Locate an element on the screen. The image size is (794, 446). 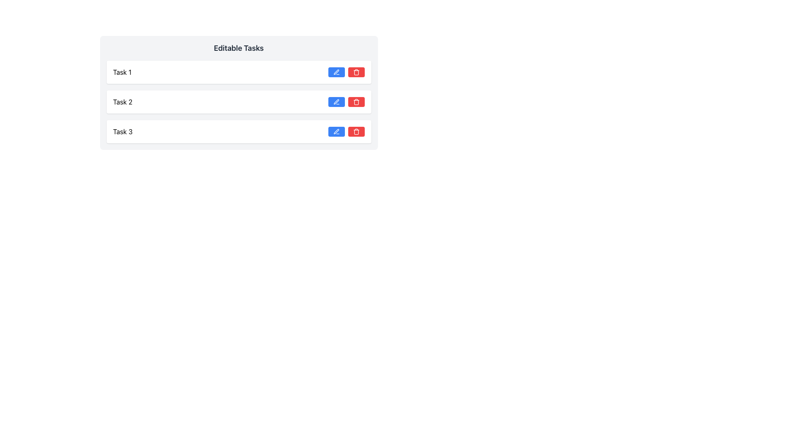
the pen-shaped icon within the blue button on the second row of tasks is located at coordinates (336, 101).